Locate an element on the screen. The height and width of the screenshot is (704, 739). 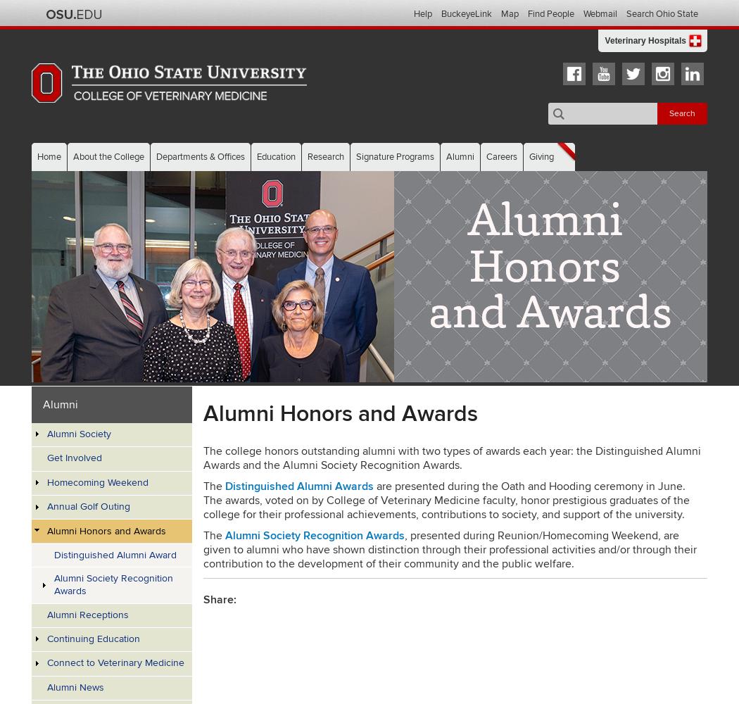
'Distinguished Alumni Award' is located at coordinates (114, 554).